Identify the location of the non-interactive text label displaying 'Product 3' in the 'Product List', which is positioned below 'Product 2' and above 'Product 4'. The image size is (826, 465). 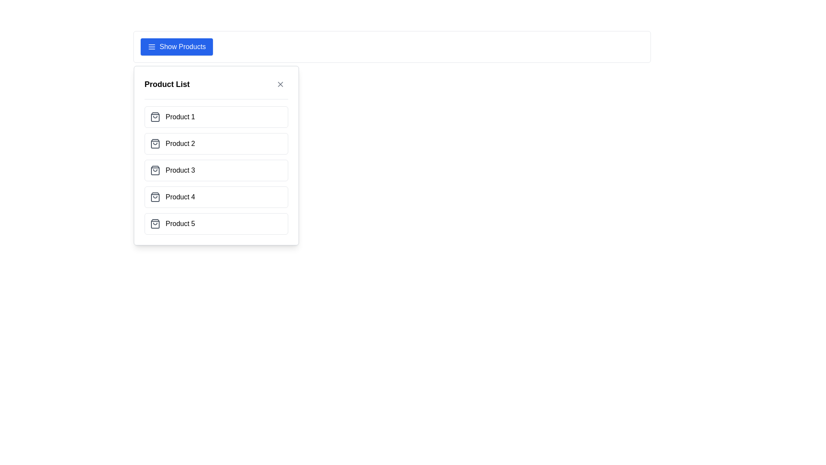
(180, 170).